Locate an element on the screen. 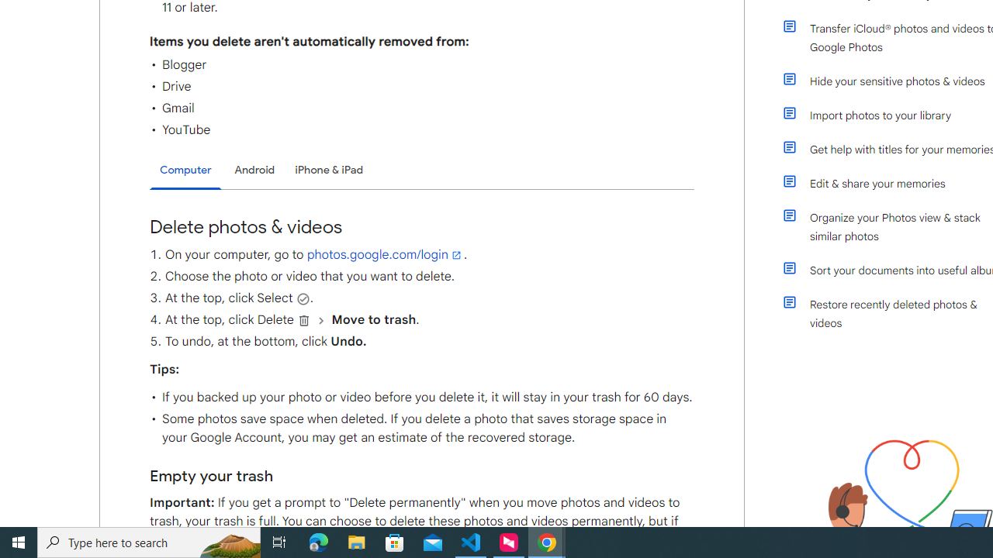 Image resolution: width=993 pixels, height=558 pixels. 'Android' is located at coordinates (254, 170).